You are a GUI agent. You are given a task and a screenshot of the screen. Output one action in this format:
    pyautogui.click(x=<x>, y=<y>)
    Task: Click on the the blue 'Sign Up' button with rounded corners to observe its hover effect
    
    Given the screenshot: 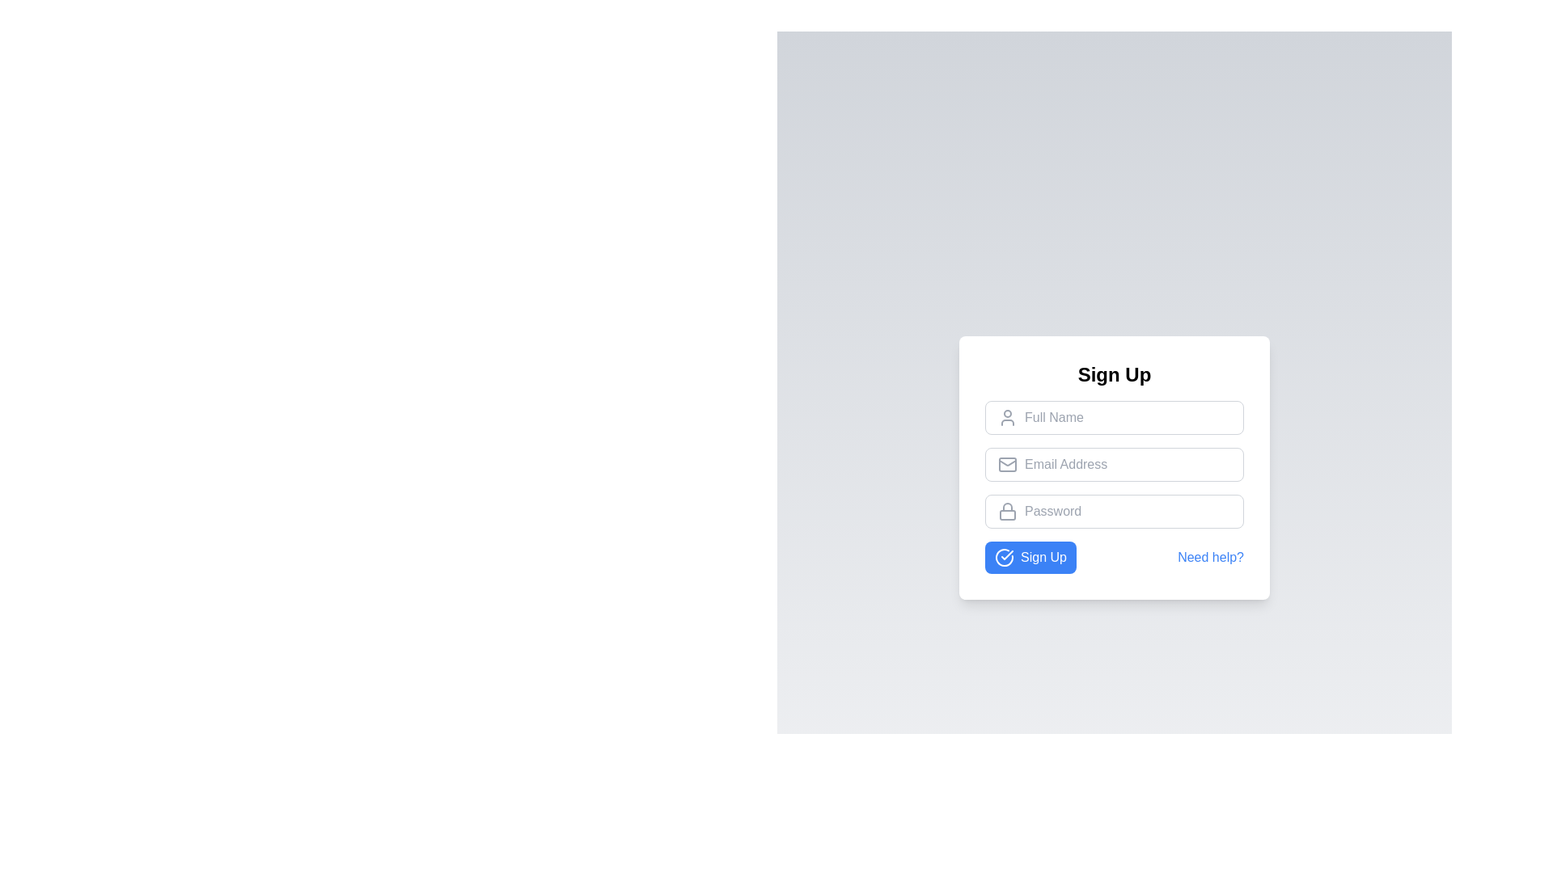 What is the action you would take?
    pyautogui.click(x=1030, y=557)
    